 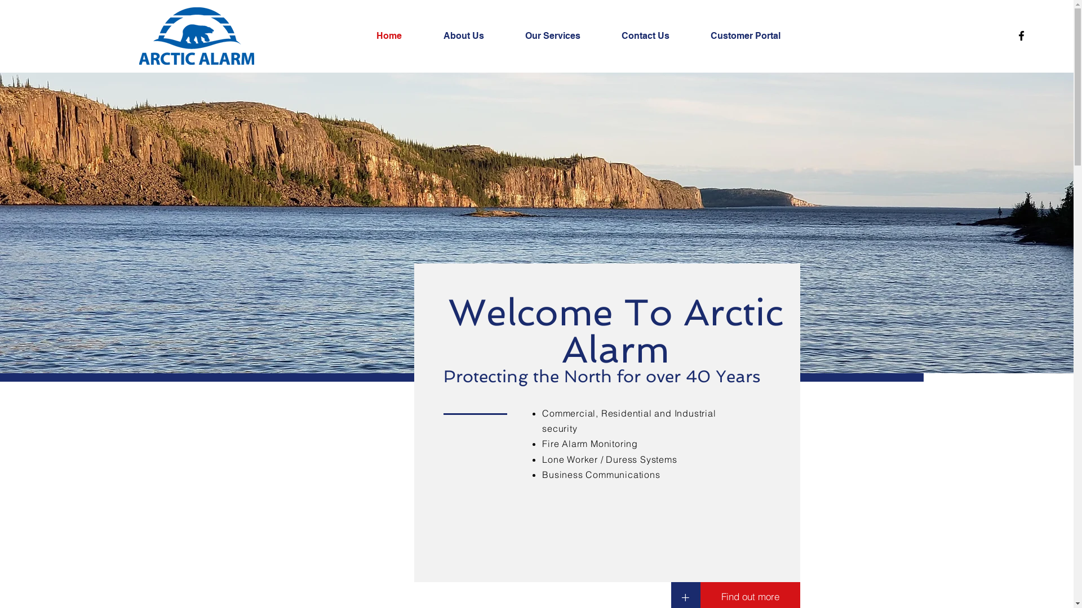 What do you see at coordinates (476, 35) in the screenshot?
I see `'About Us'` at bounding box center [476, 35].